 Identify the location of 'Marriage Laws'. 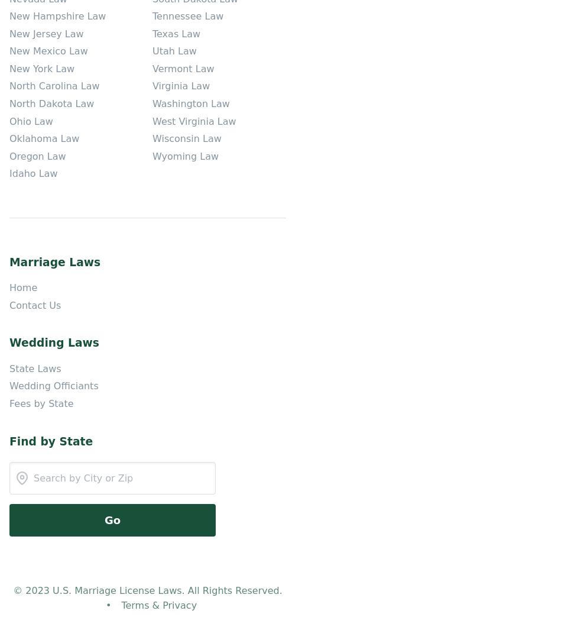
(55, 261).